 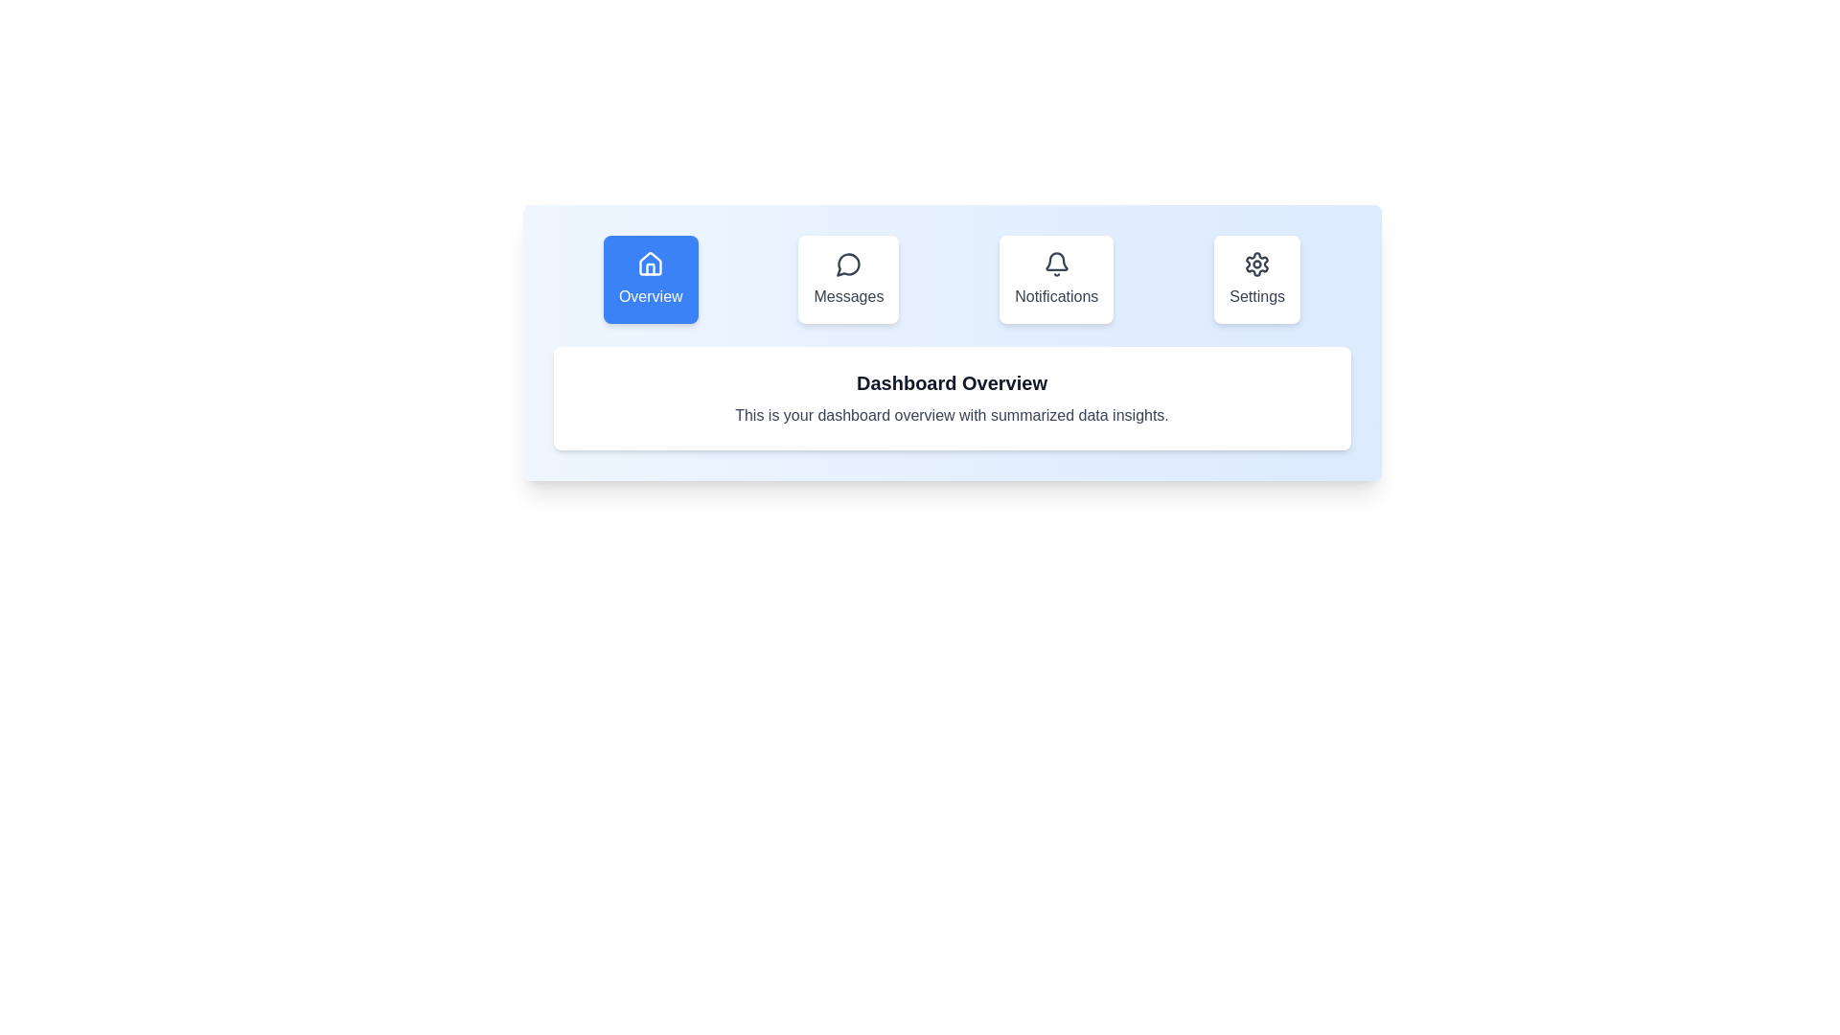 I want to click on the 'Notifications' button in the navigation menu, so click(x=1055, y=280).